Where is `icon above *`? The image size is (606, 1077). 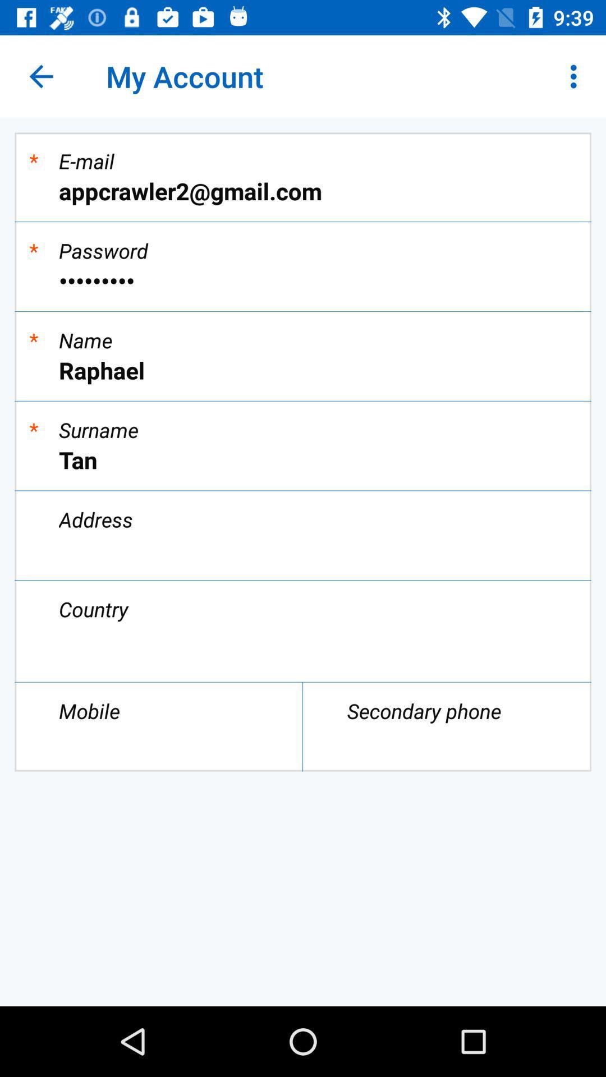
icon above * is located at coordinates (40, 76).